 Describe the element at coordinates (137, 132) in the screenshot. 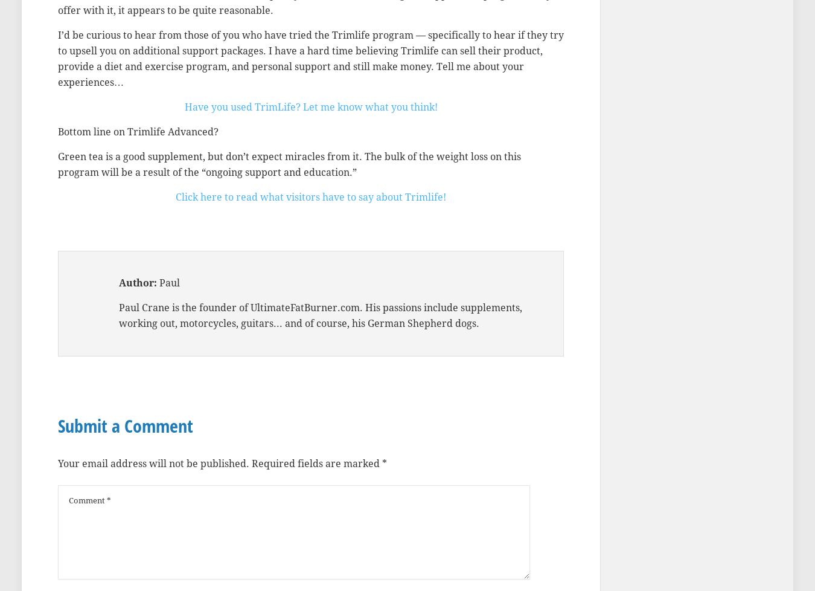

I see `'Bottom line on Trimlife Advanced?'` at that location.